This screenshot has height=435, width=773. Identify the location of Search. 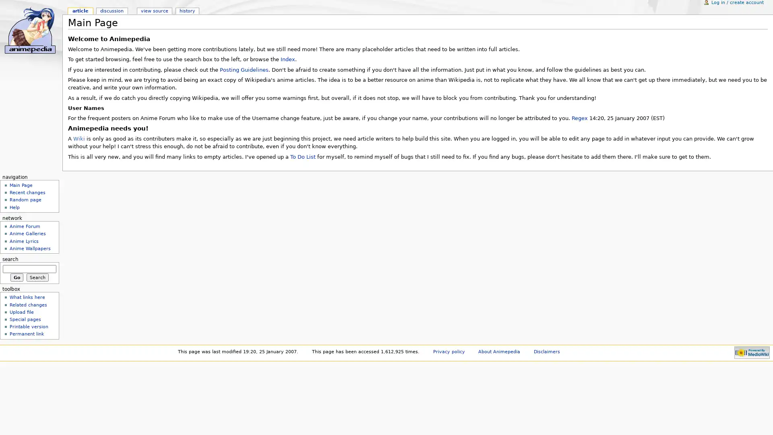
(37, 276).